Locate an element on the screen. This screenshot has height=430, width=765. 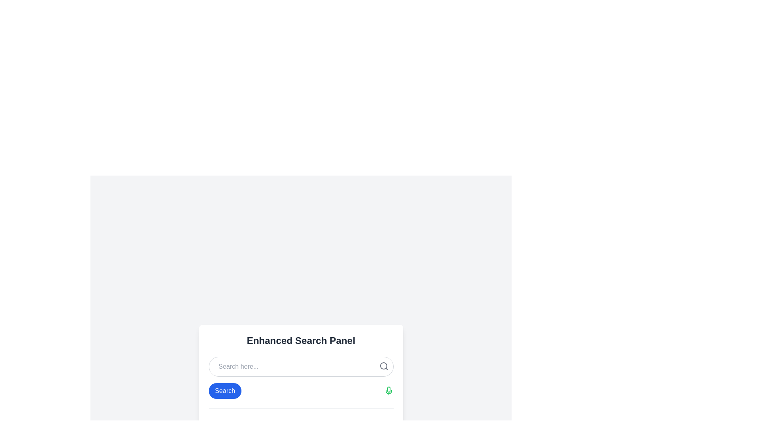
the text input field with a search icon located in the Enhanced Search Panel to bring the cursor for typing is located at coordinates (300, 366).